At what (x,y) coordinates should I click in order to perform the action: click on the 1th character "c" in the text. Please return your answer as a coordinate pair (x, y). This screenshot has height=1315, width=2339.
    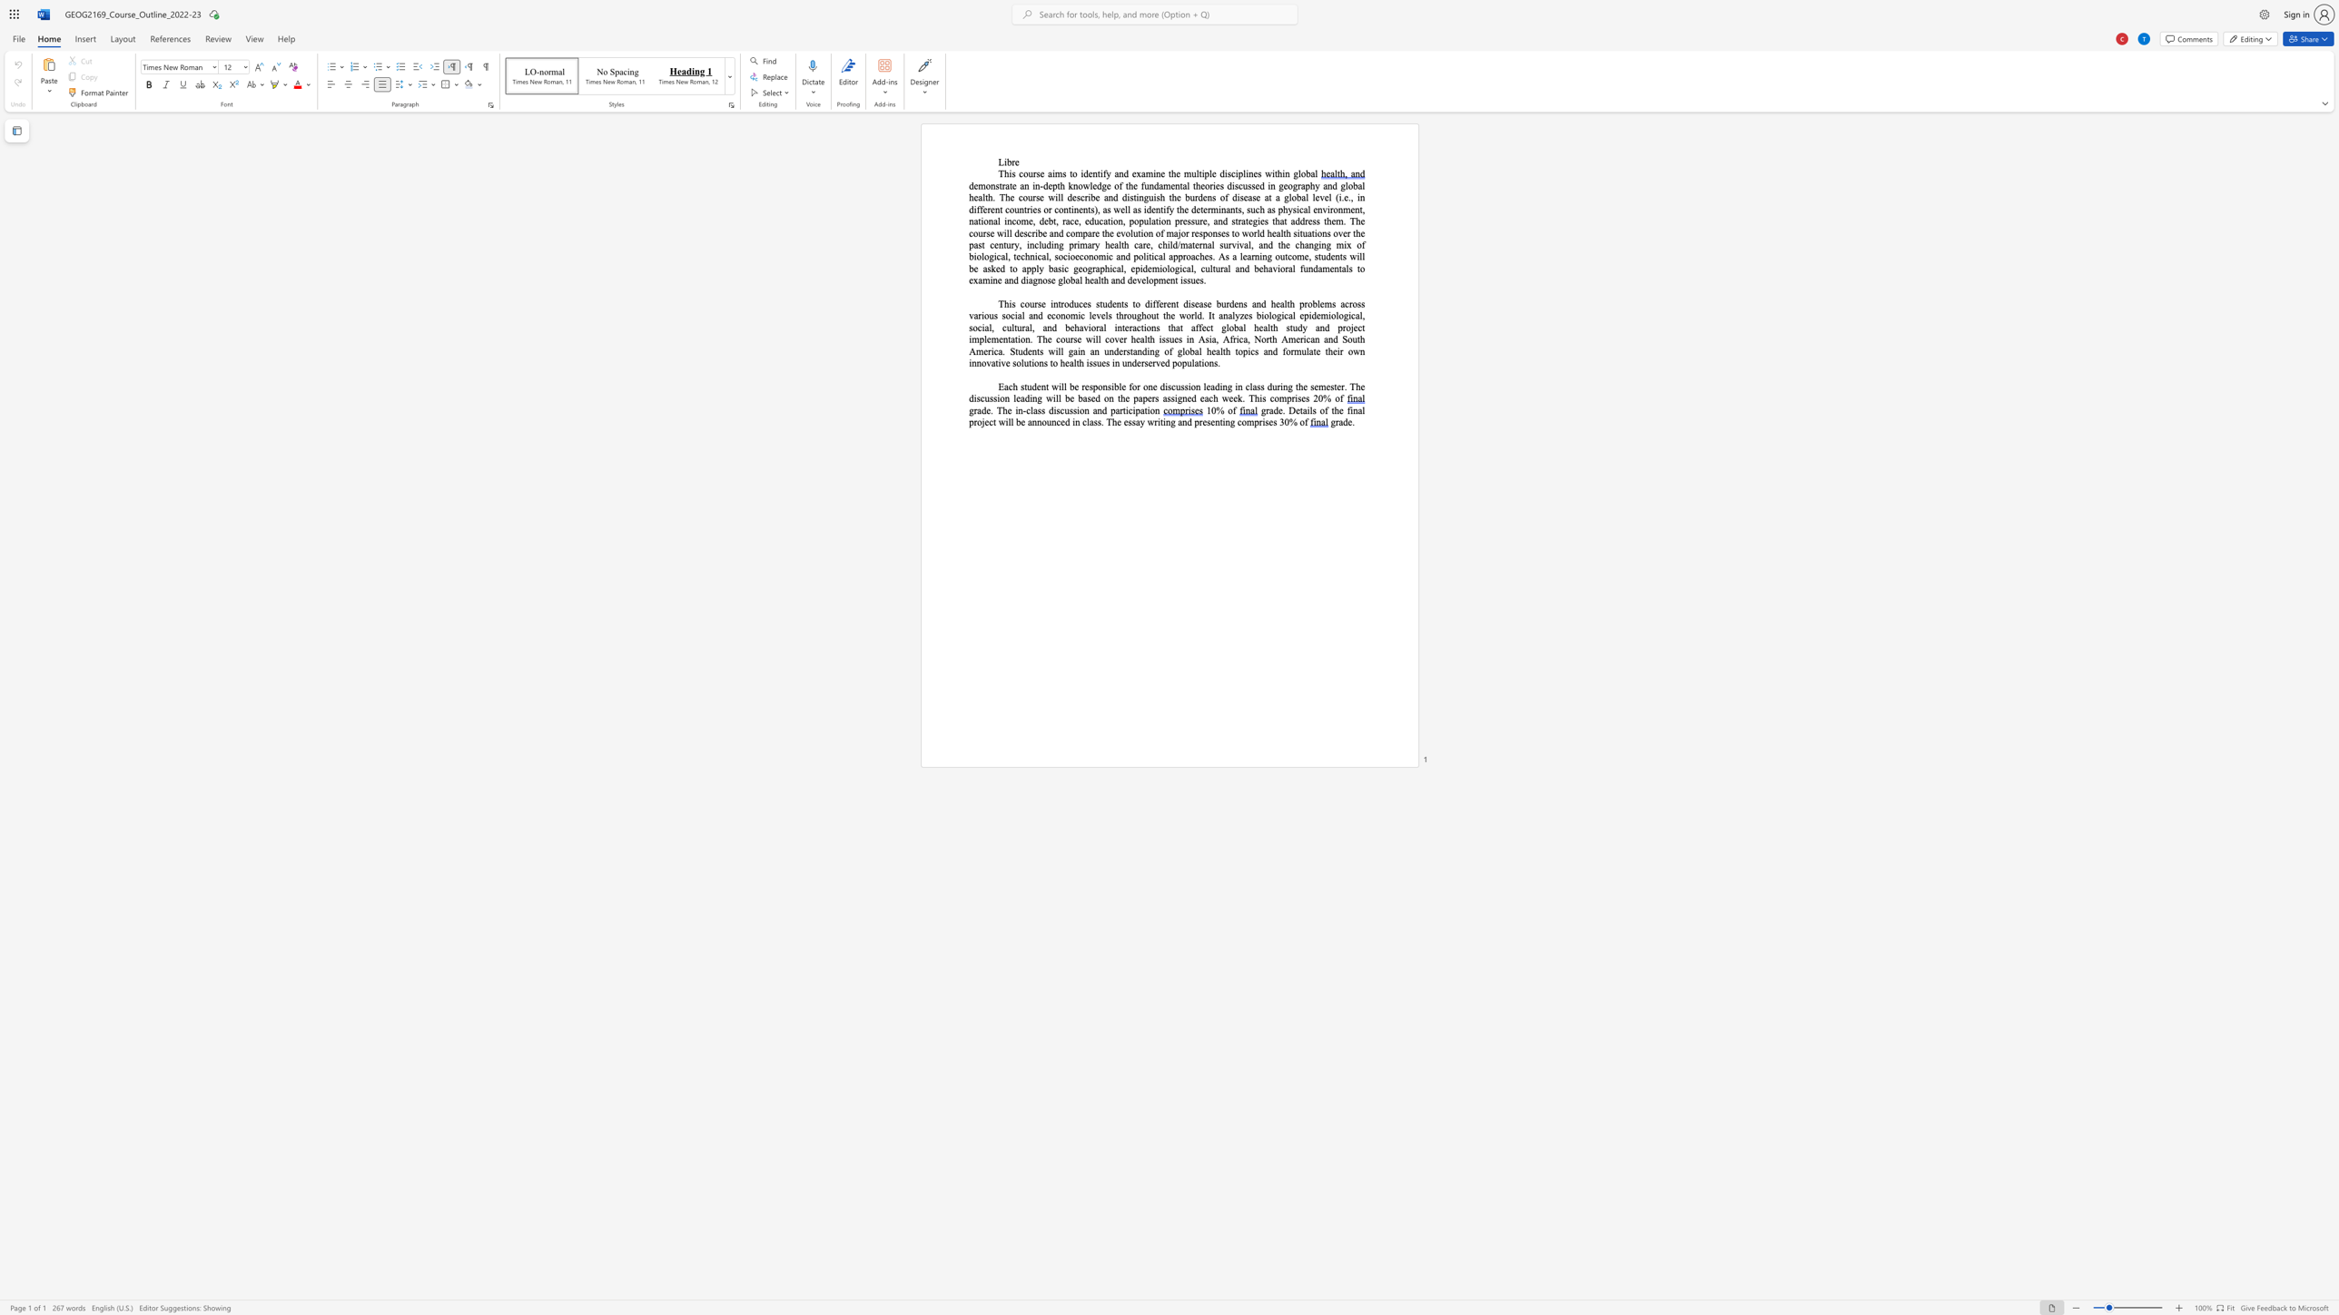
    Looking at the image, I should click on (1056, 209).